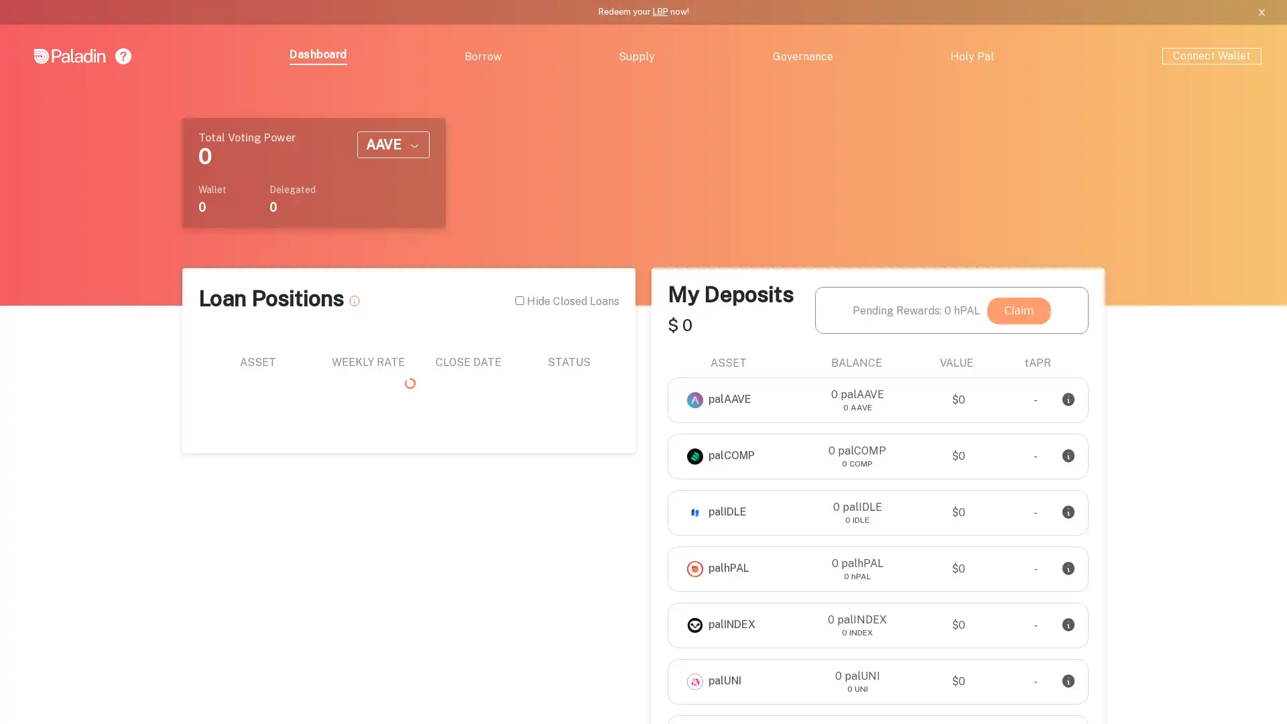  I want to click on Claim, so click(1019, 310).